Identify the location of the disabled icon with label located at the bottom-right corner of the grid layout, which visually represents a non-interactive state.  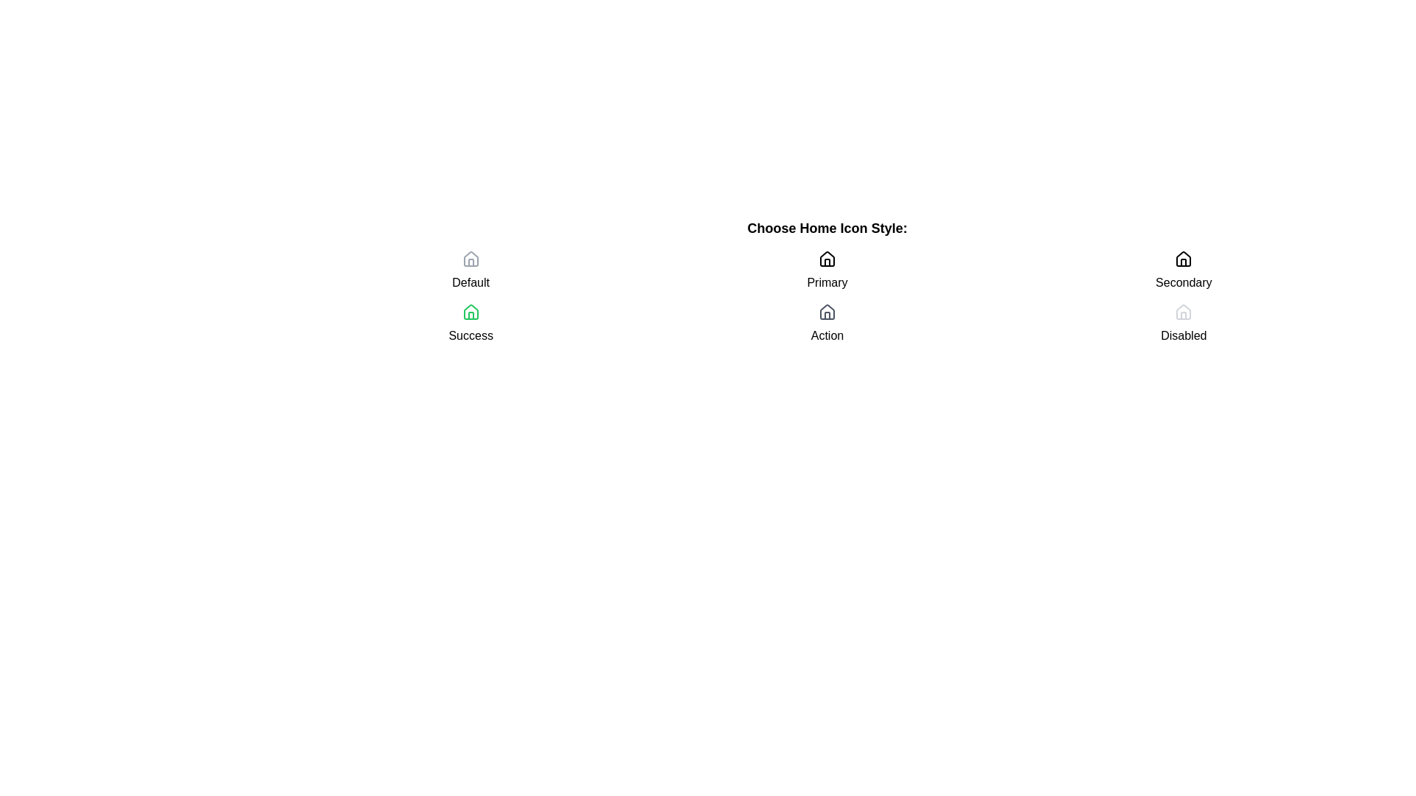
(1184, 323).